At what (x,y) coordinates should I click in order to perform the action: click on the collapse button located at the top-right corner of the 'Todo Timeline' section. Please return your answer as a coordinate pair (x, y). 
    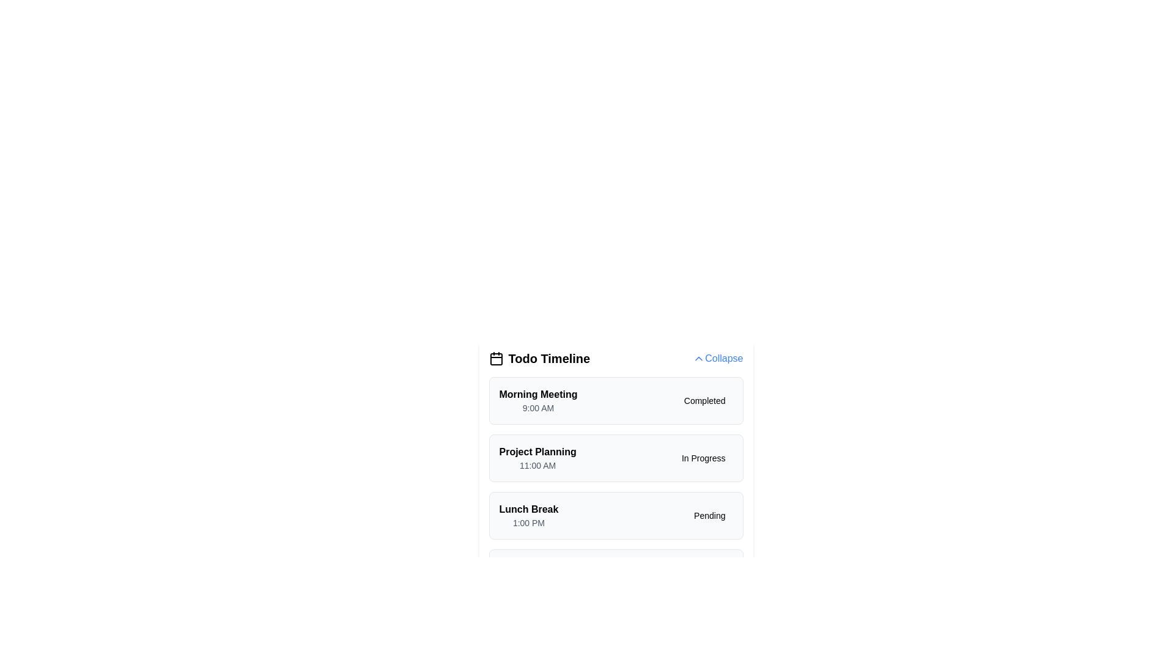
    Looking at the image, I should click on (718, 358).